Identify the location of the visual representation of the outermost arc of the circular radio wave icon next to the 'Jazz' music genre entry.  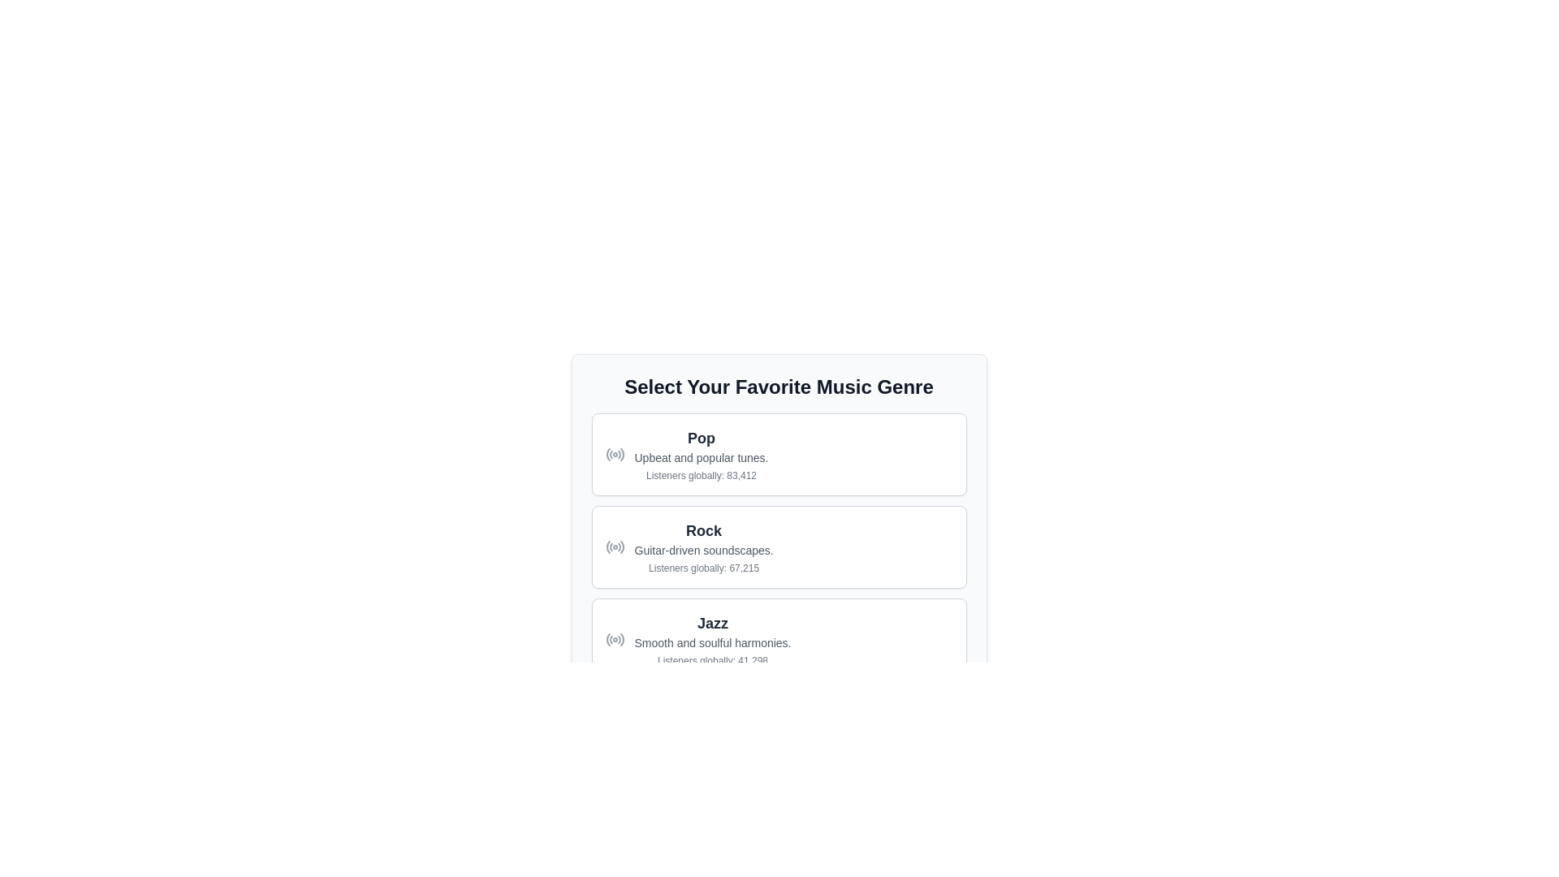
(621, 638).